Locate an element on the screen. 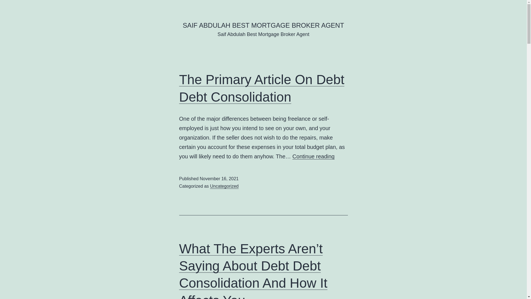 Image resolution: width=531 pixels, height=299 pixels. 'Uncategorized' is located at coordinates (224, 186).